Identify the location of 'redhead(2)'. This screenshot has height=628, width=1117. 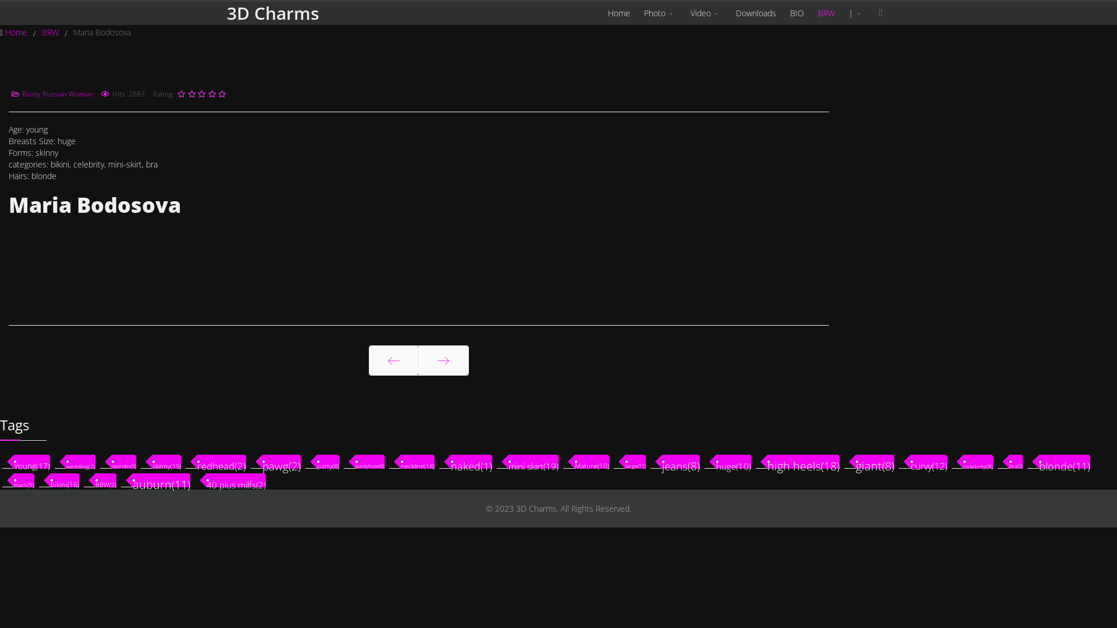
(221, 461).